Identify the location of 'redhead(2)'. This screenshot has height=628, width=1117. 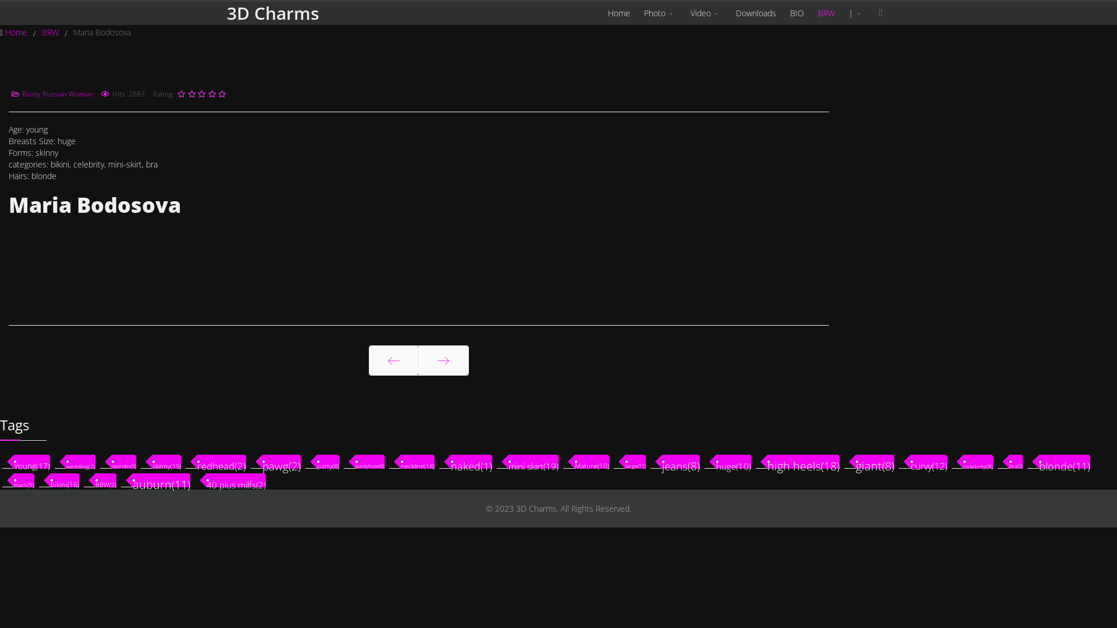
(221, 461).